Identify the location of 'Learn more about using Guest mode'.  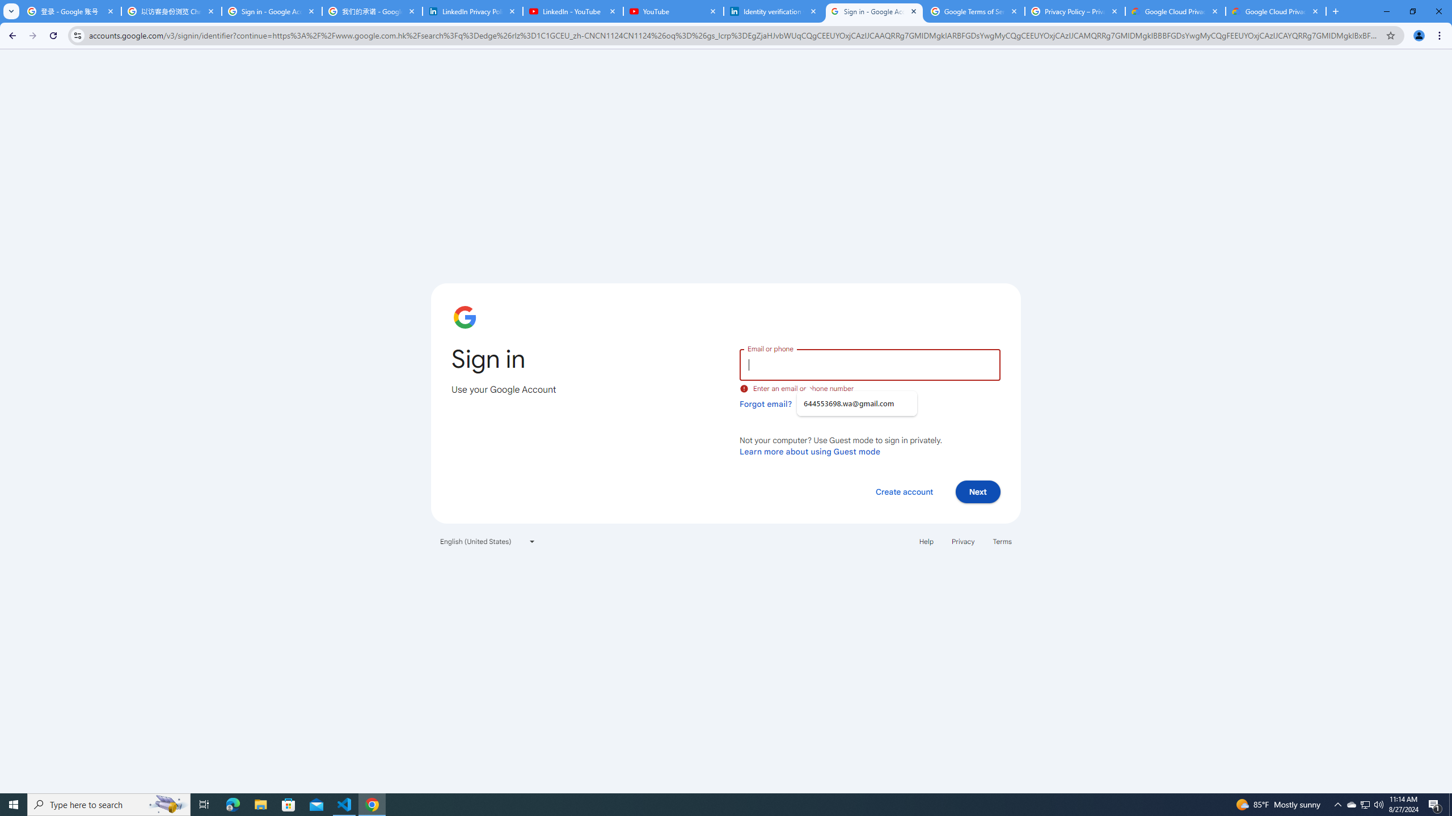
(809, 451).